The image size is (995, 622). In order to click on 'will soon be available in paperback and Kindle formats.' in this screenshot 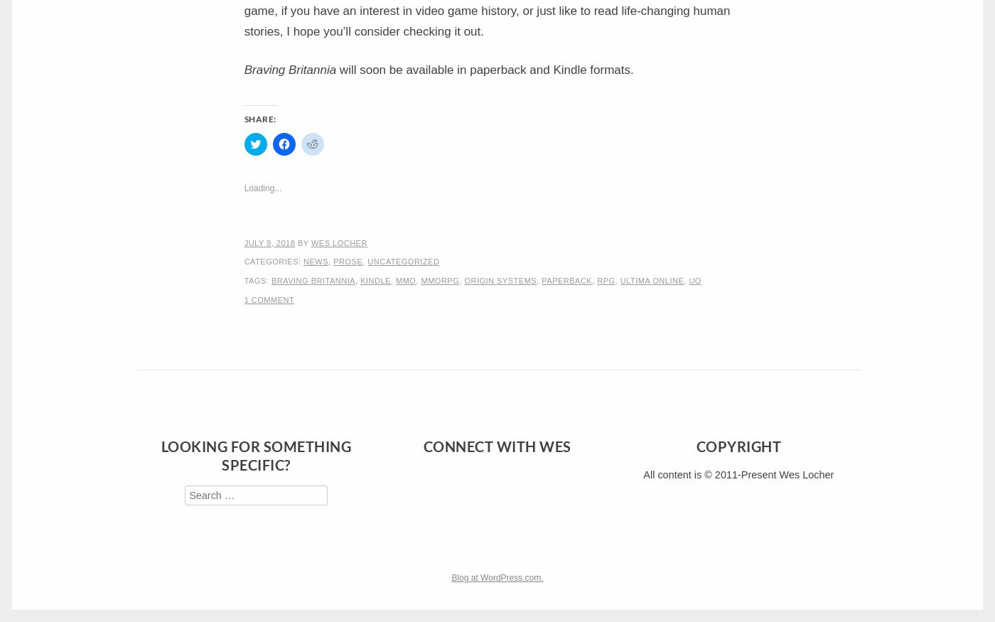, I will do `click(336, 69)`.